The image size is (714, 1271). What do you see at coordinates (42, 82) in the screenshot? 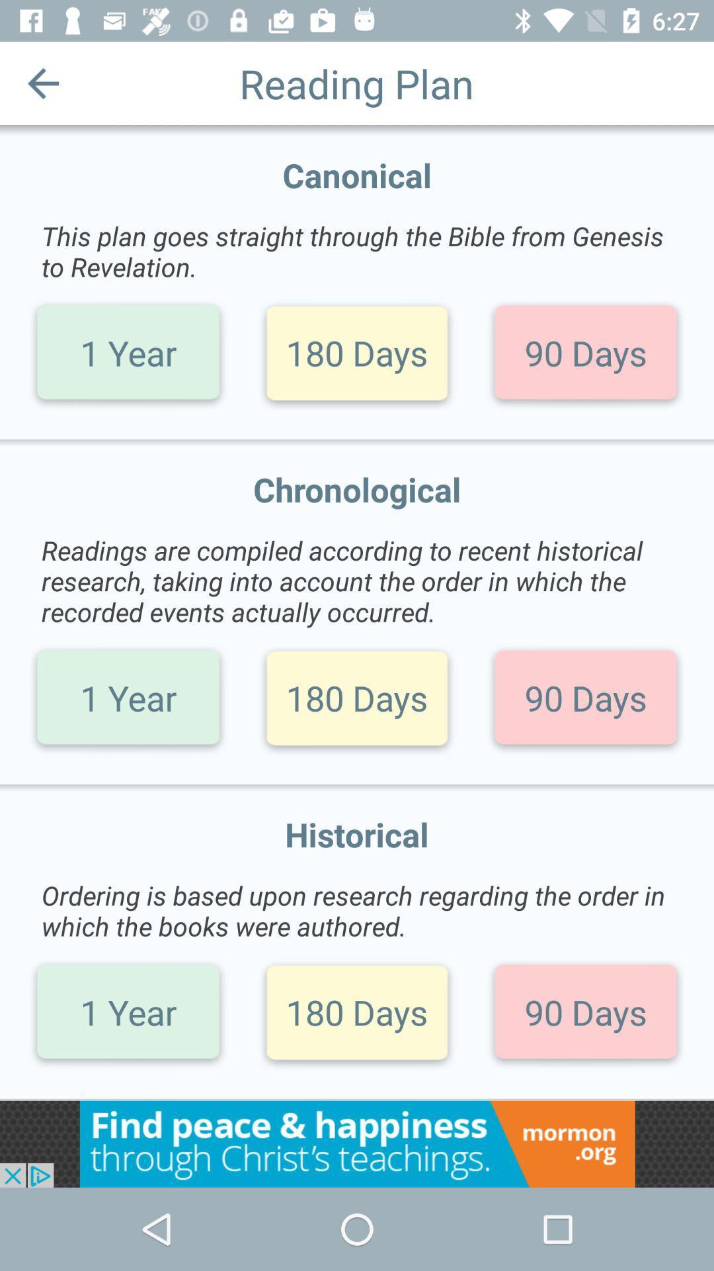
I see `go back` at bounding box center [42, 82].